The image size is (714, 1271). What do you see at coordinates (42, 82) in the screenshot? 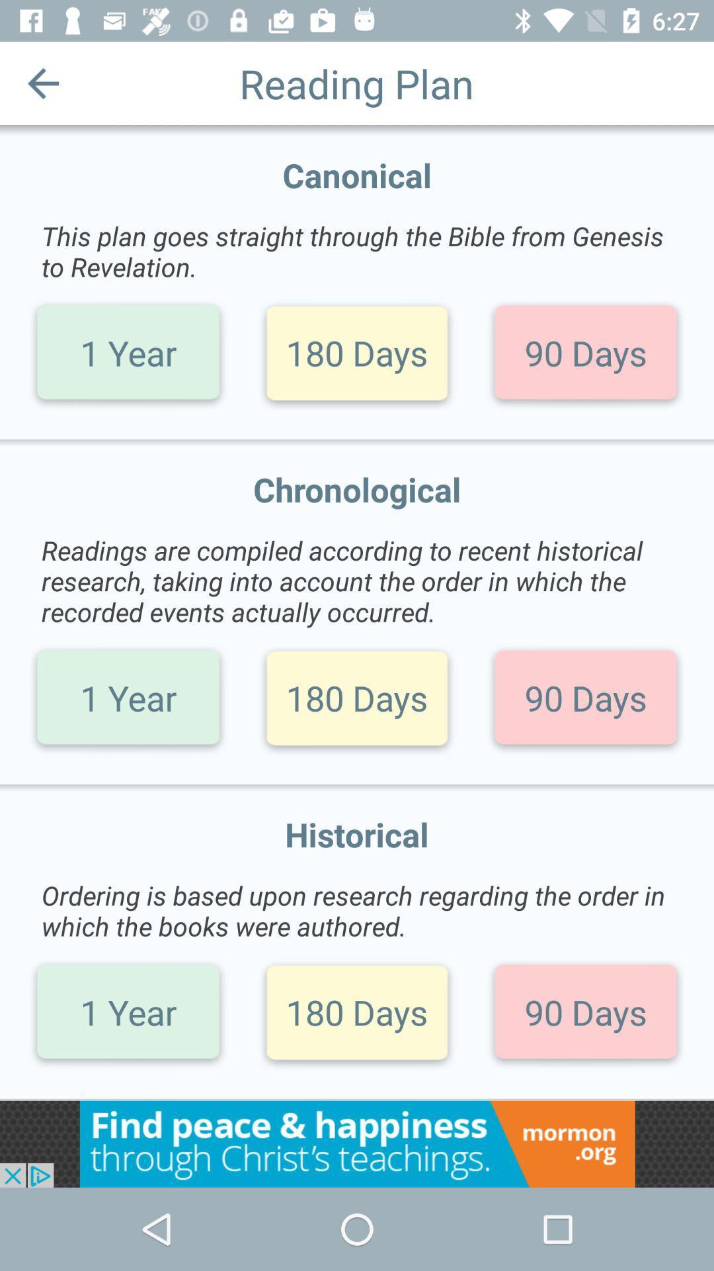
I see `go back` at bounding box center [42, 82].